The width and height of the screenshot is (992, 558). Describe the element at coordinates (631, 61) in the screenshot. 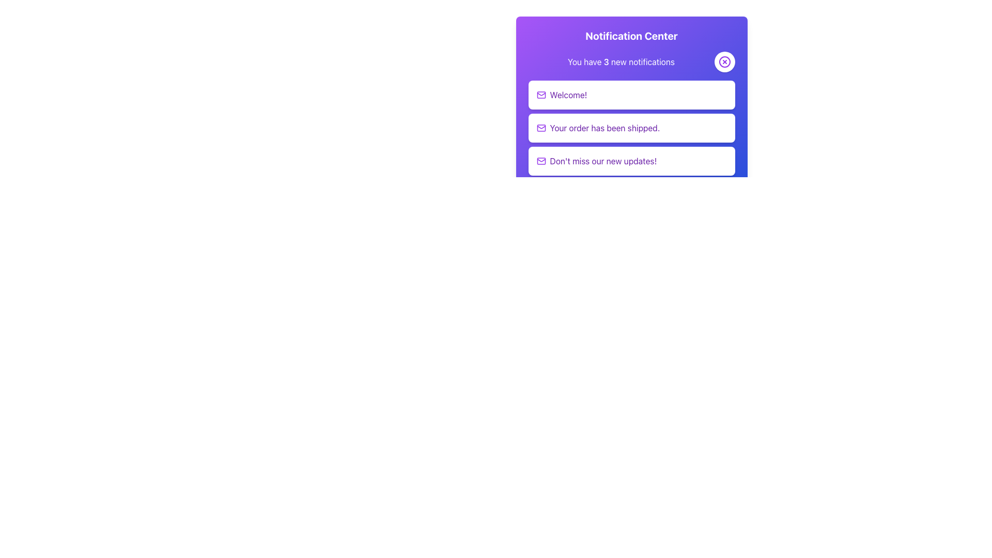

I see `notification information from the Notification bar that displays 'You have 3 new notifications' on a purple gradient background` at that location.